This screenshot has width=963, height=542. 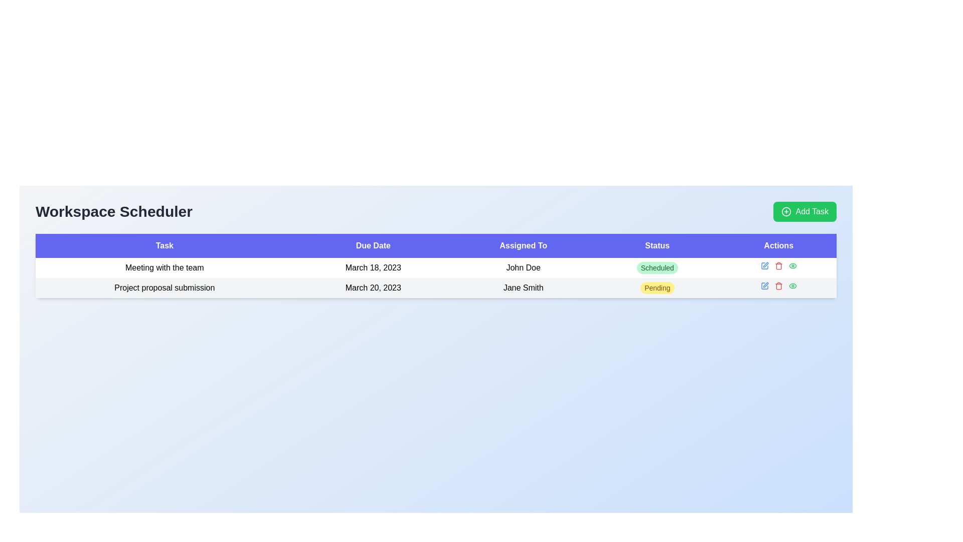 I want to click on the trash can icon button in the 'Actions' column of the table for the 'Project proposal submission', so click(x=778, y=287).